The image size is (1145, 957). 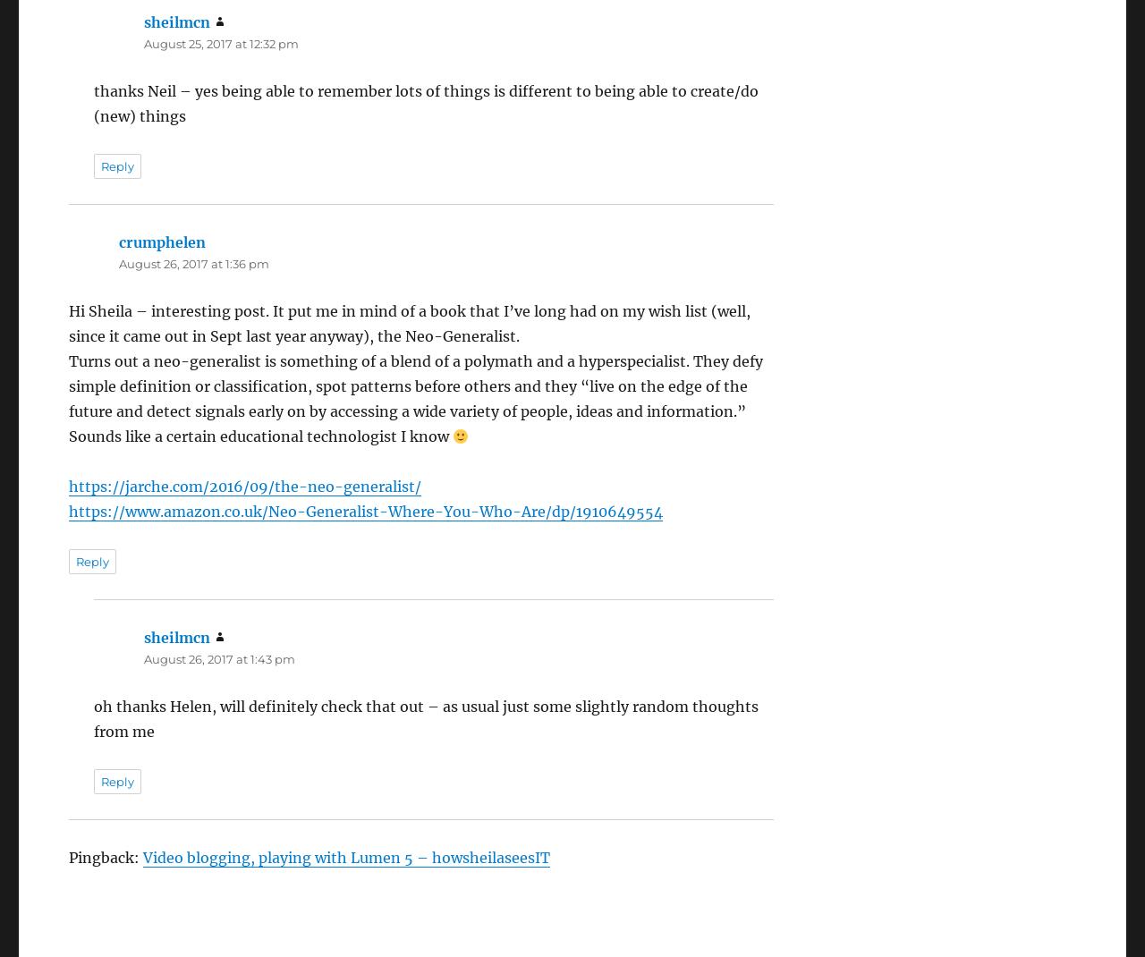 What do you see at coordinates (425, 718) in the screenshot?
I see `'oh thanks Helen, will definitely check that out – as usual just some slightly random thoughts from me'` at bounding box center [425, 718].